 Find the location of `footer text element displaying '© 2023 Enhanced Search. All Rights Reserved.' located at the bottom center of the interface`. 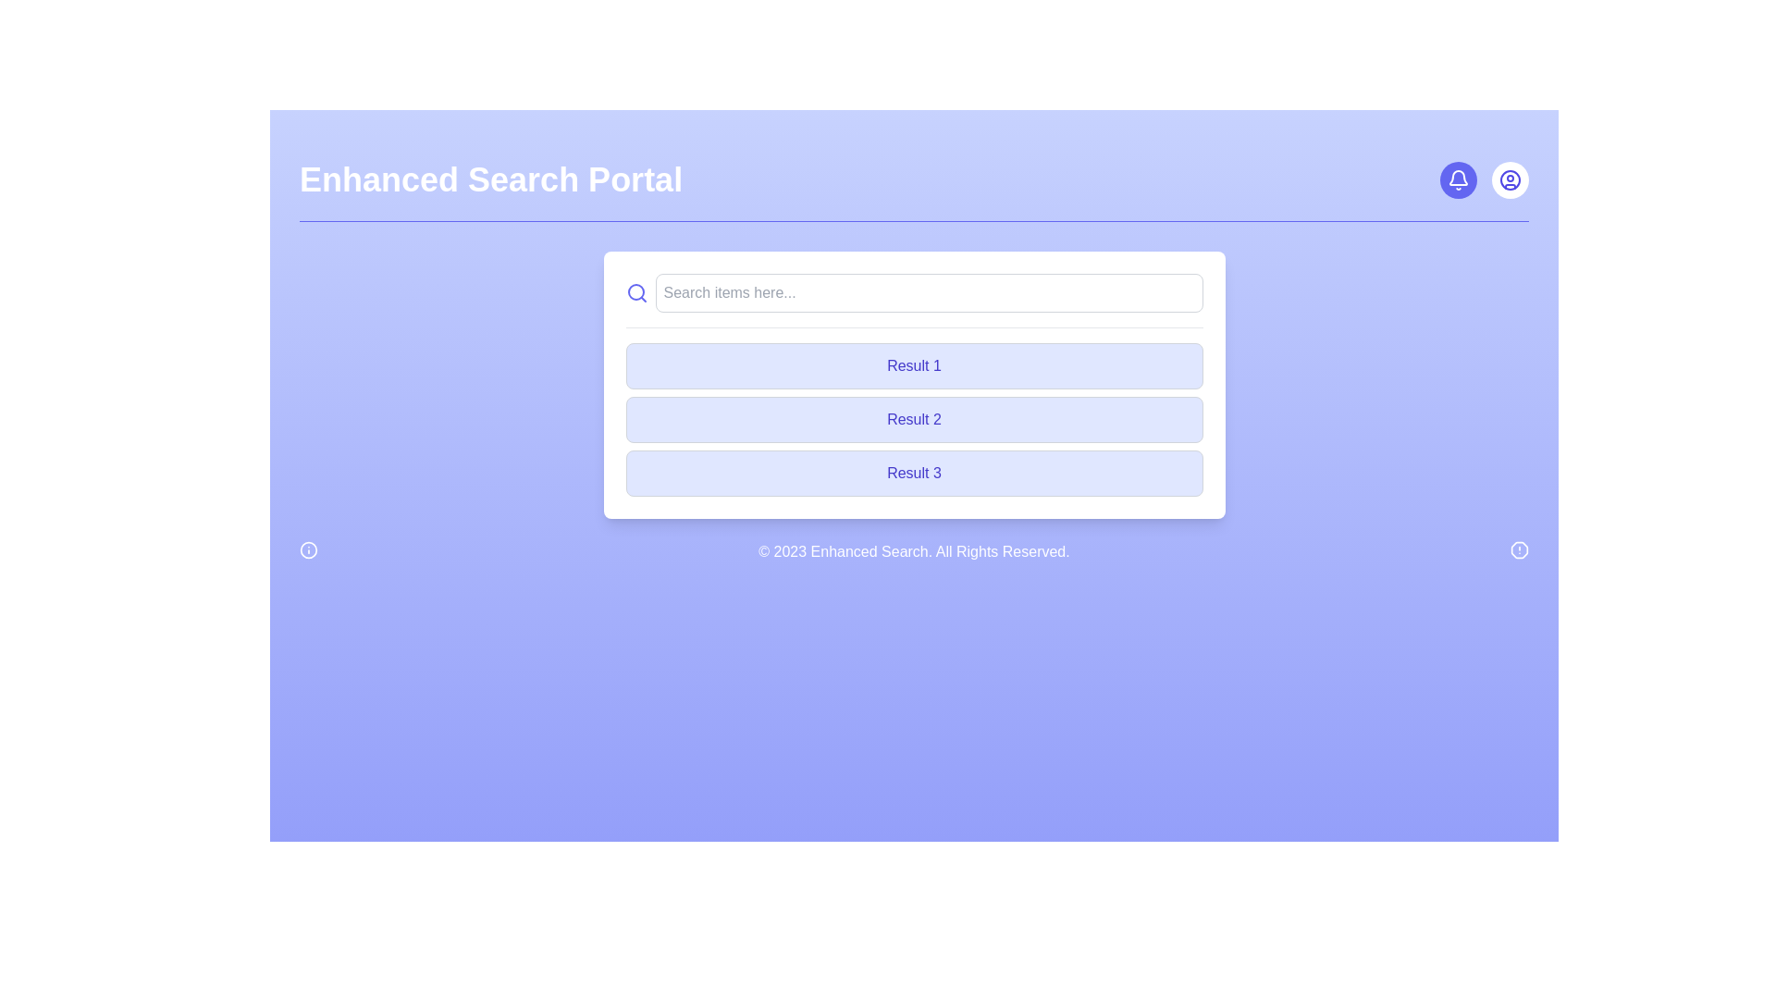

footer text element displaying '© 2023 Enhanced Search. All Rights Reserved.' located at the bottom center of the interface is located at coordinates (914, 551).